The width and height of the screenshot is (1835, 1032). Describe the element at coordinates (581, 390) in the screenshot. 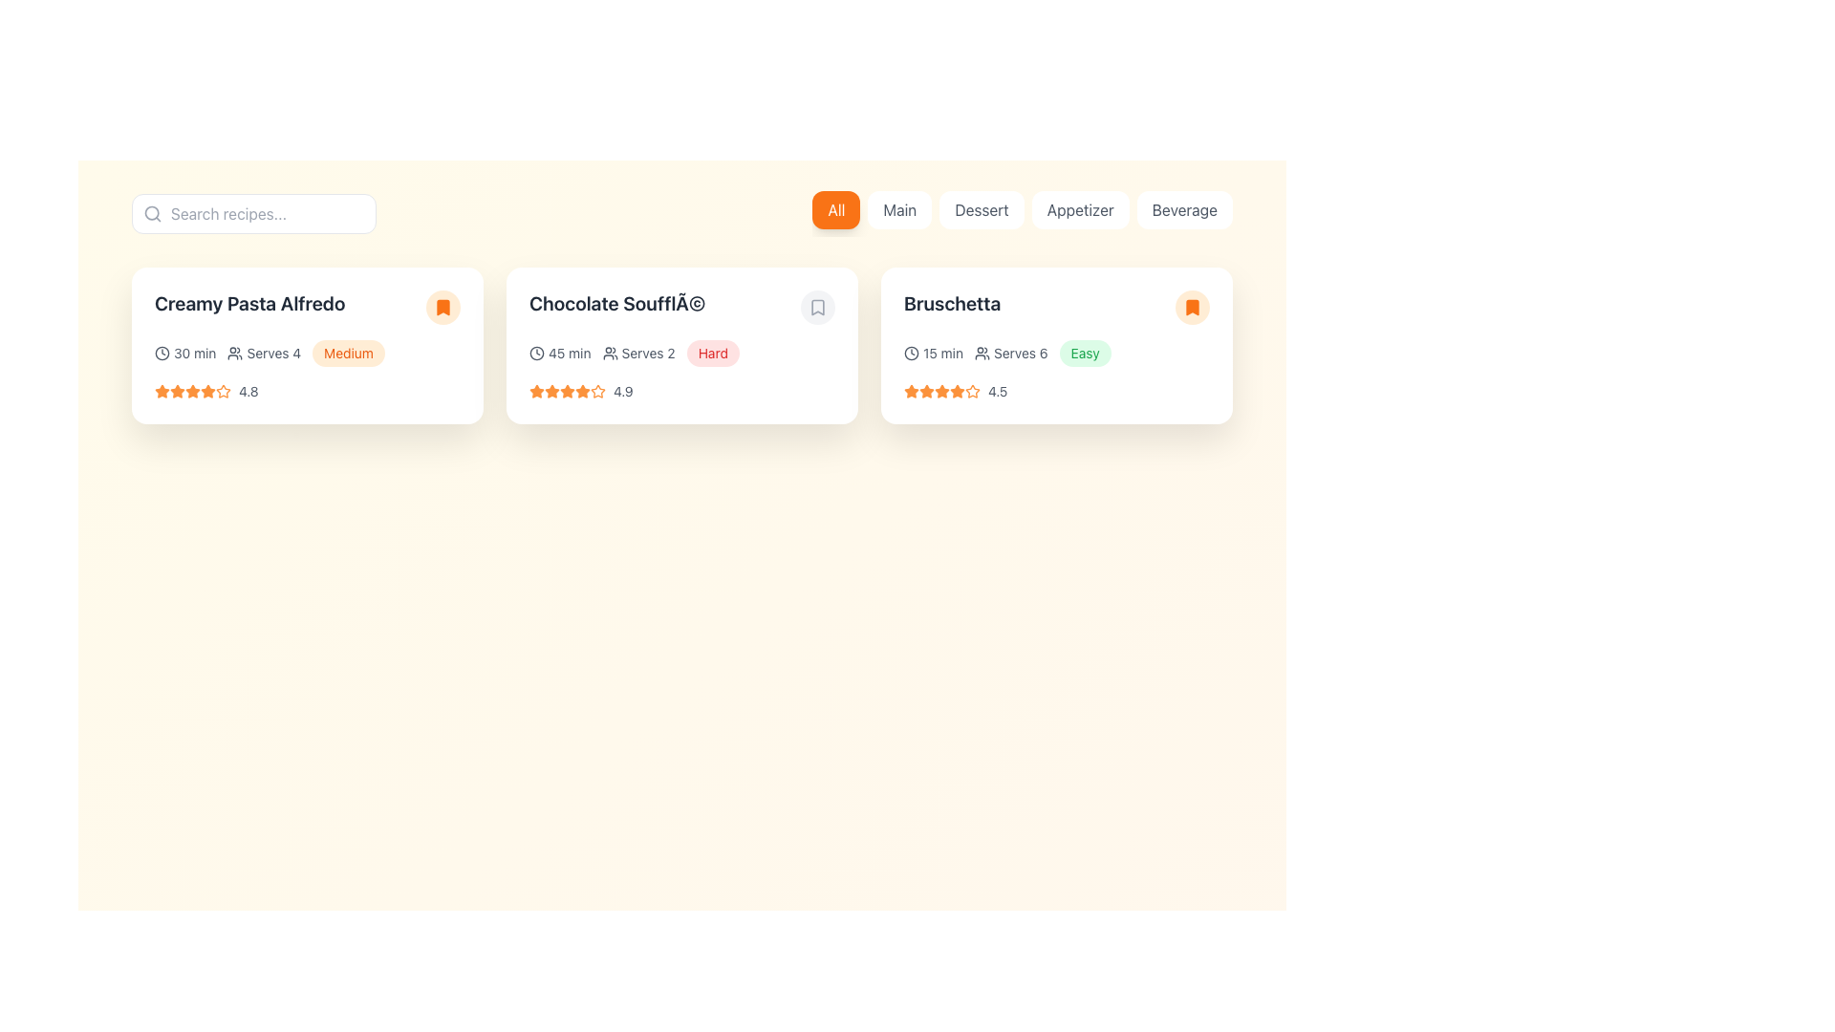

I see `the sixth star icon in the user rating system for the recipe 'Chocolate Soufflé'` at that location.